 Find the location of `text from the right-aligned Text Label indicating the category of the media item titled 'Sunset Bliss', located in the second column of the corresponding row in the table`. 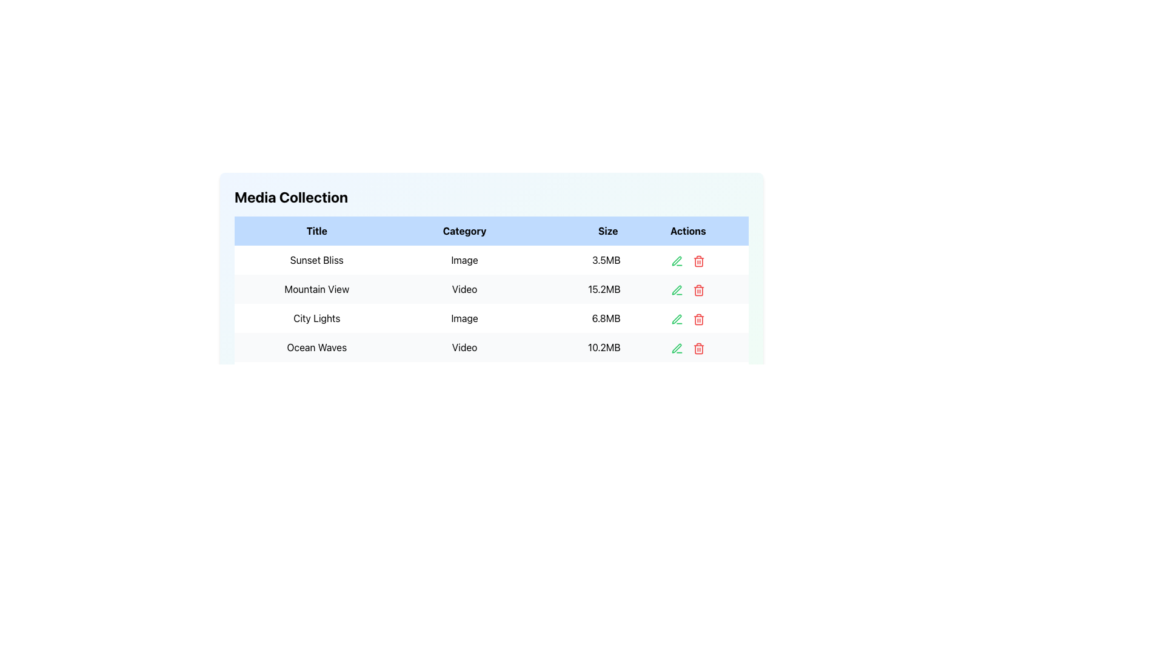

text from the right-aligned Text Label indicating the category of the media item titled 'Sunset Bliss', located in the second column of the corresponding row in the table is located at coordinates (464, 259).